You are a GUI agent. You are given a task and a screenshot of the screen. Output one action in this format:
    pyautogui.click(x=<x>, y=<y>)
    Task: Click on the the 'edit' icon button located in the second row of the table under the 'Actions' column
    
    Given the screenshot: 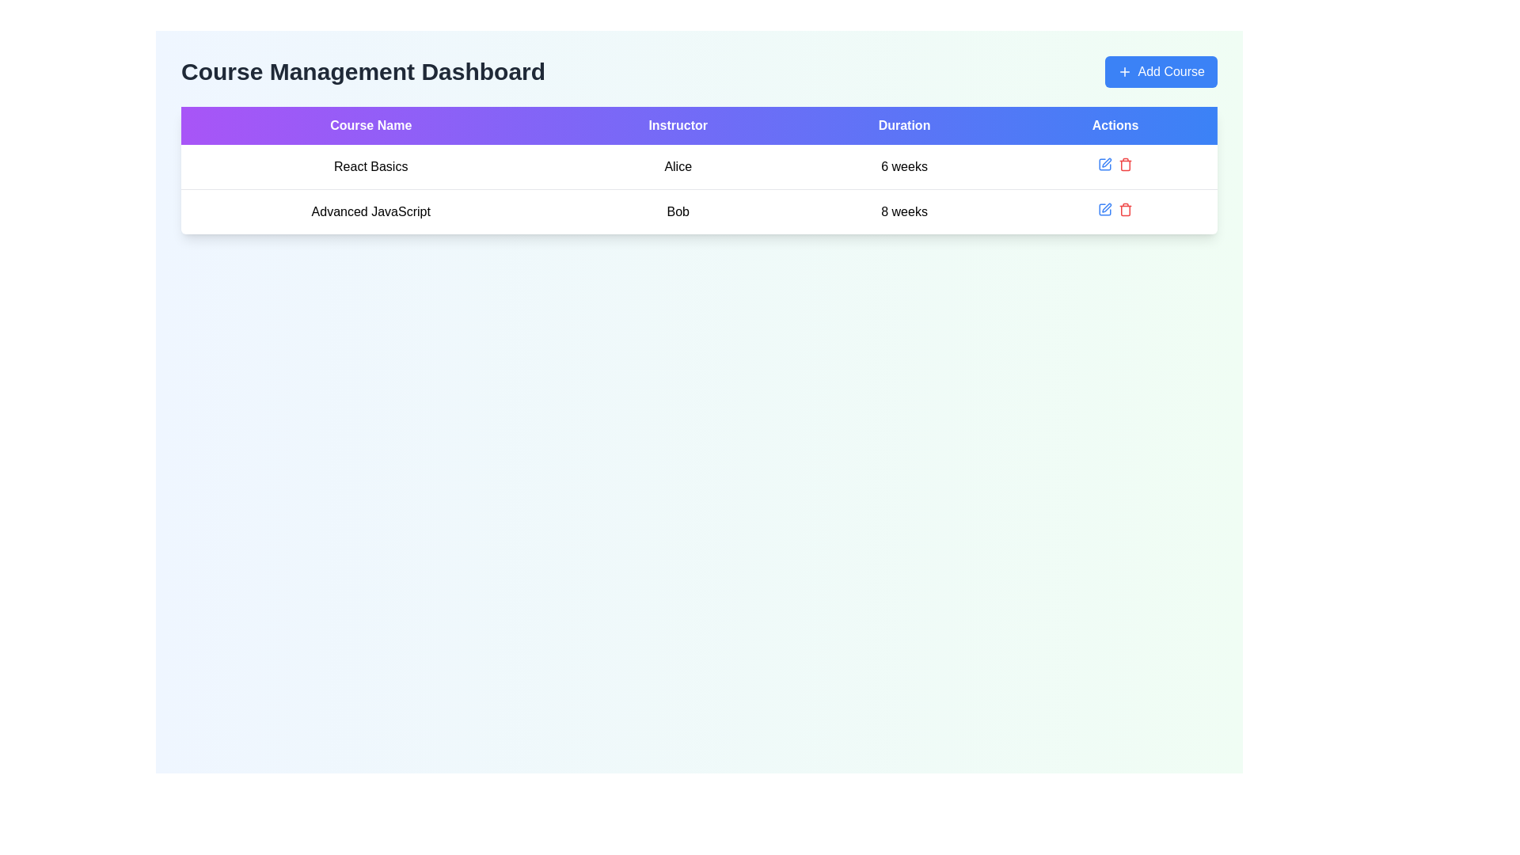 What is the action you would take?
    pyautogui.click(x=1106, y=207)
    